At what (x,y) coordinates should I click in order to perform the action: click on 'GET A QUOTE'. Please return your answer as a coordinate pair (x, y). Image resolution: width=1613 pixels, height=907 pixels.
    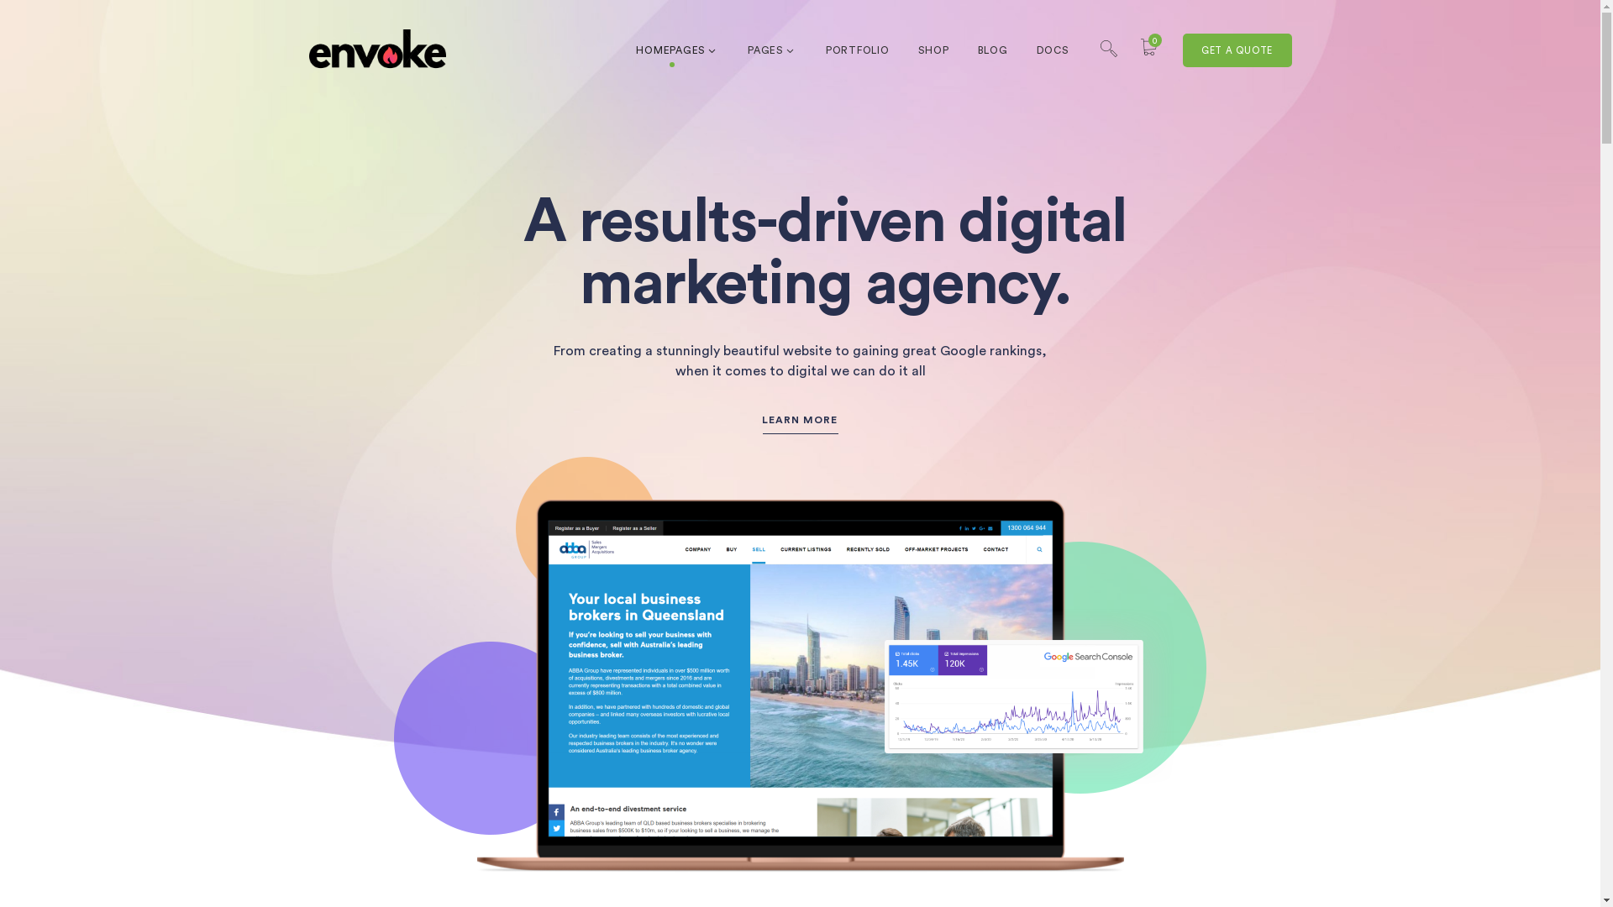
    Looking at the image, I should click on (1237, 50).